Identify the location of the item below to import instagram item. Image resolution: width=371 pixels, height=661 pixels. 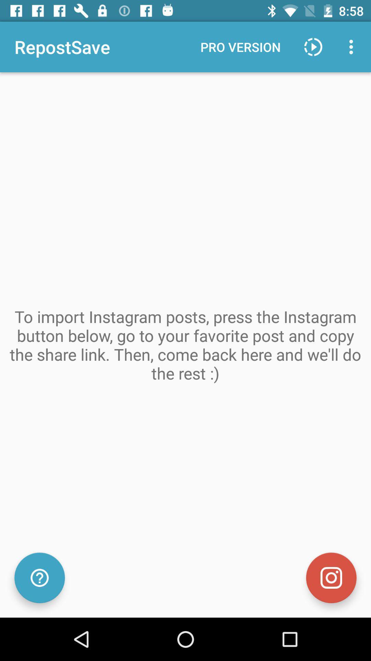
(331, 578).